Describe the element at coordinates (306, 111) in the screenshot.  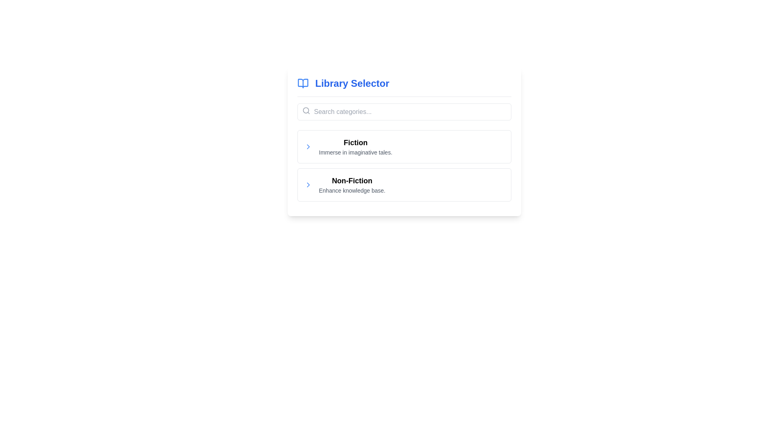
I see `the search icon located at the left-most position of the search bar, which indicates the input field is for search functionality` at that location.